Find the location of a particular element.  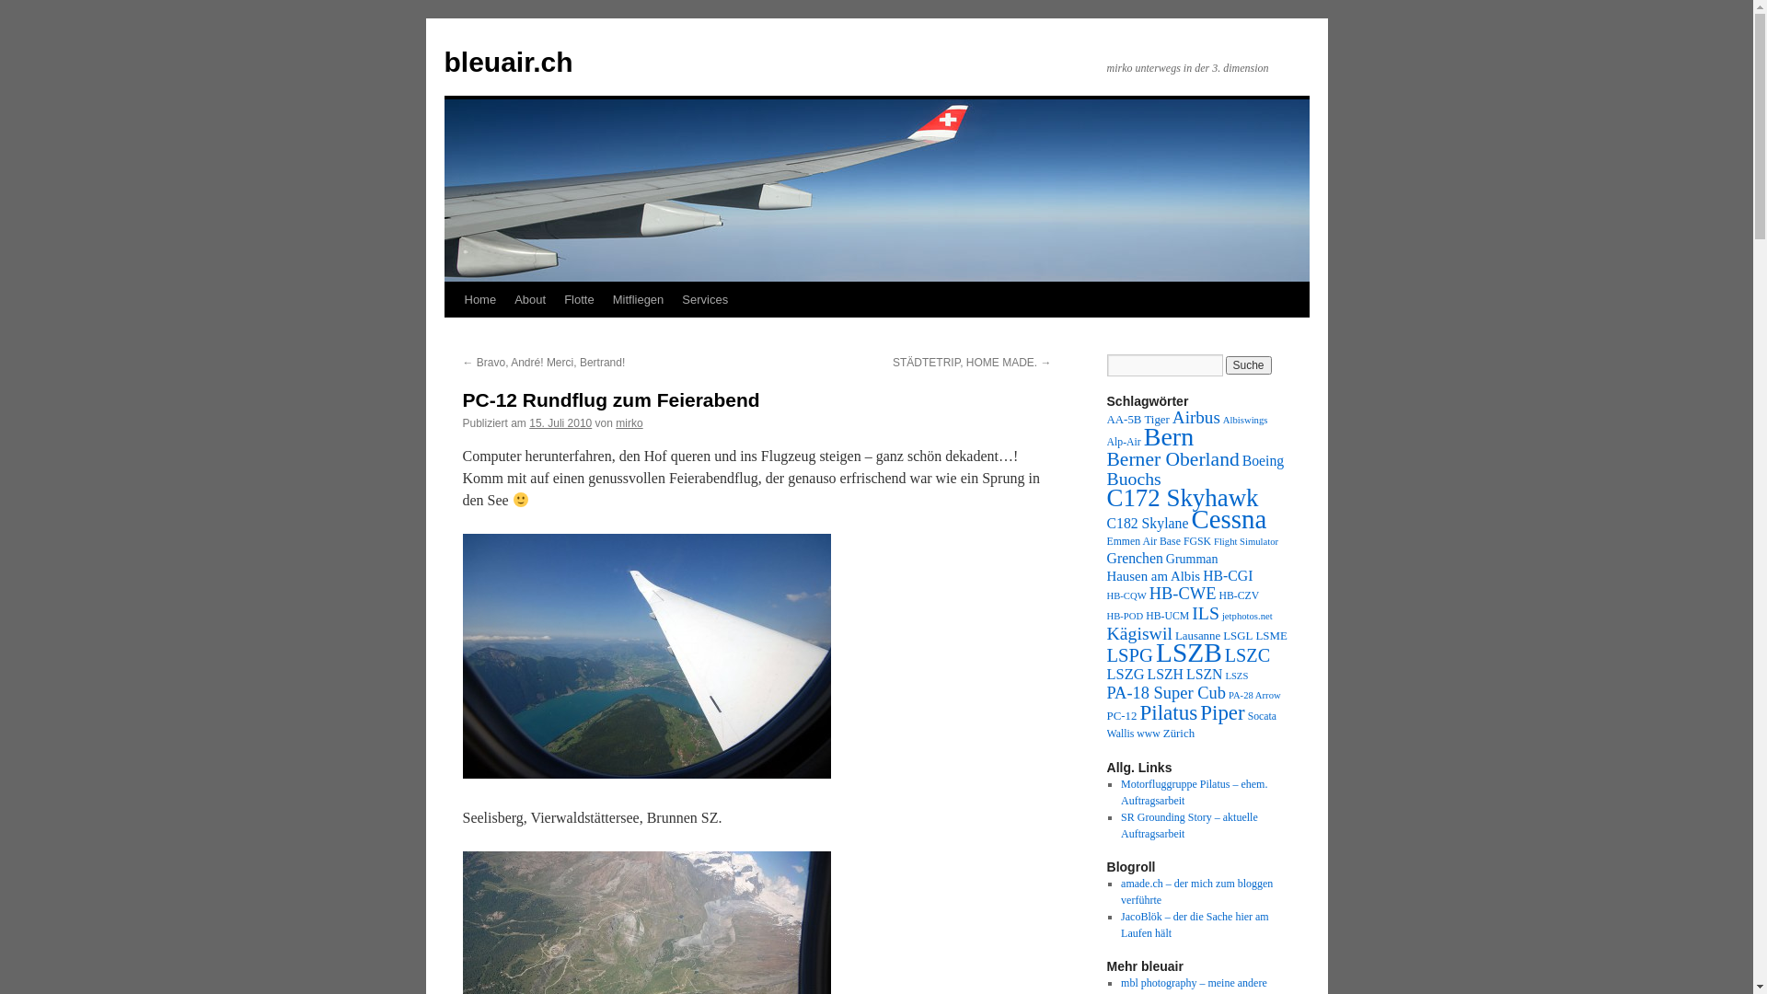

'LSZN' is located at coordinates (1204, 674).